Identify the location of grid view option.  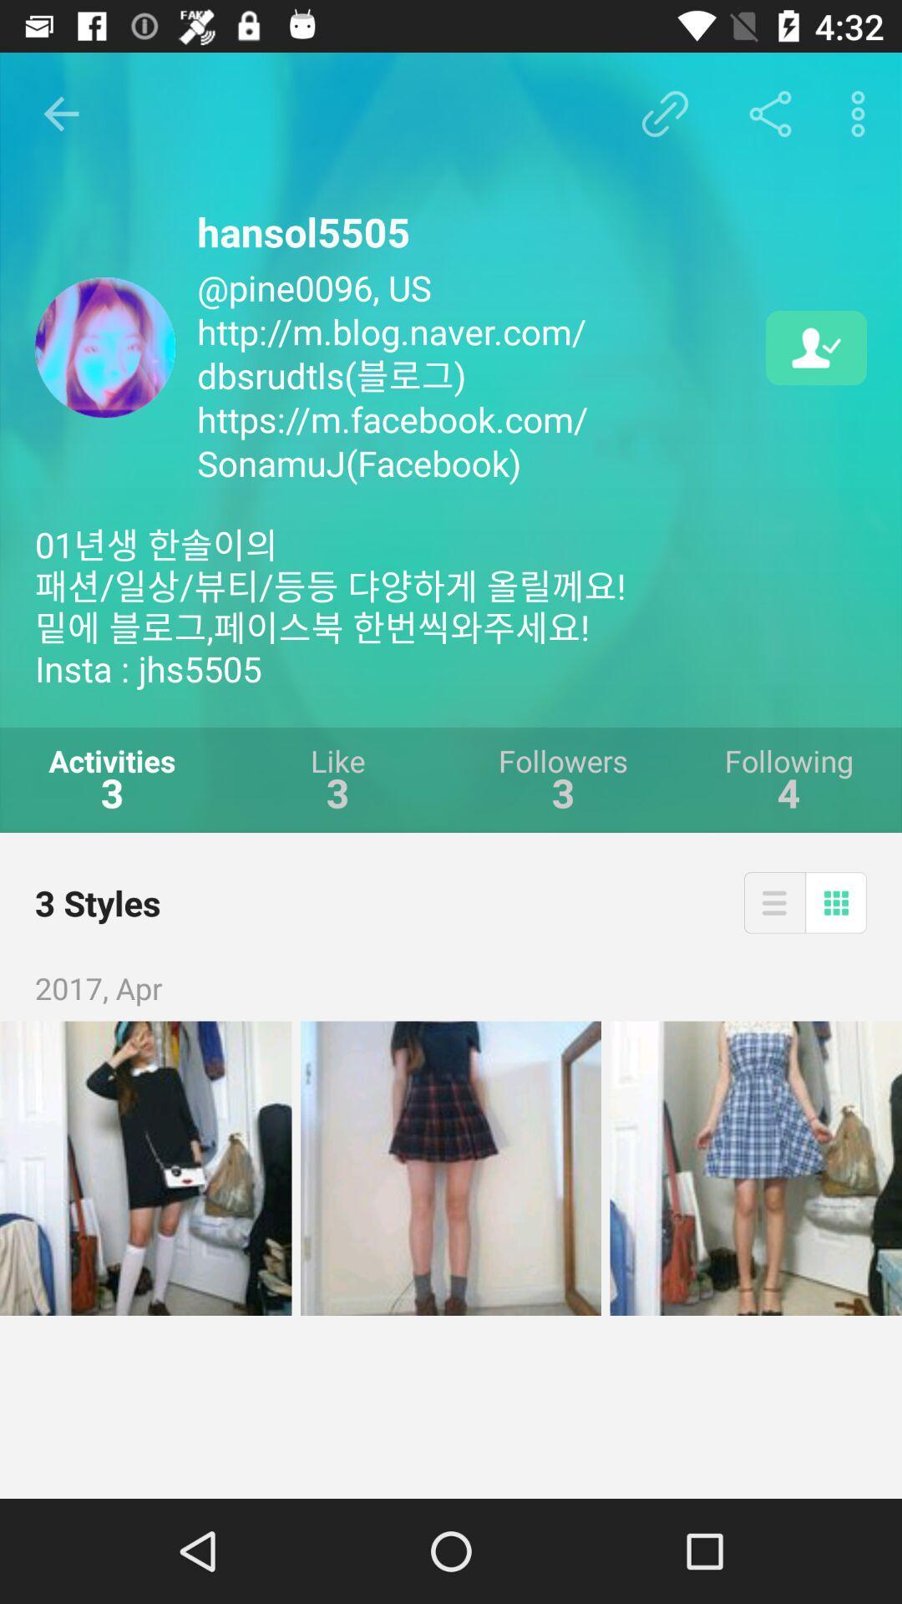
(836, 901).